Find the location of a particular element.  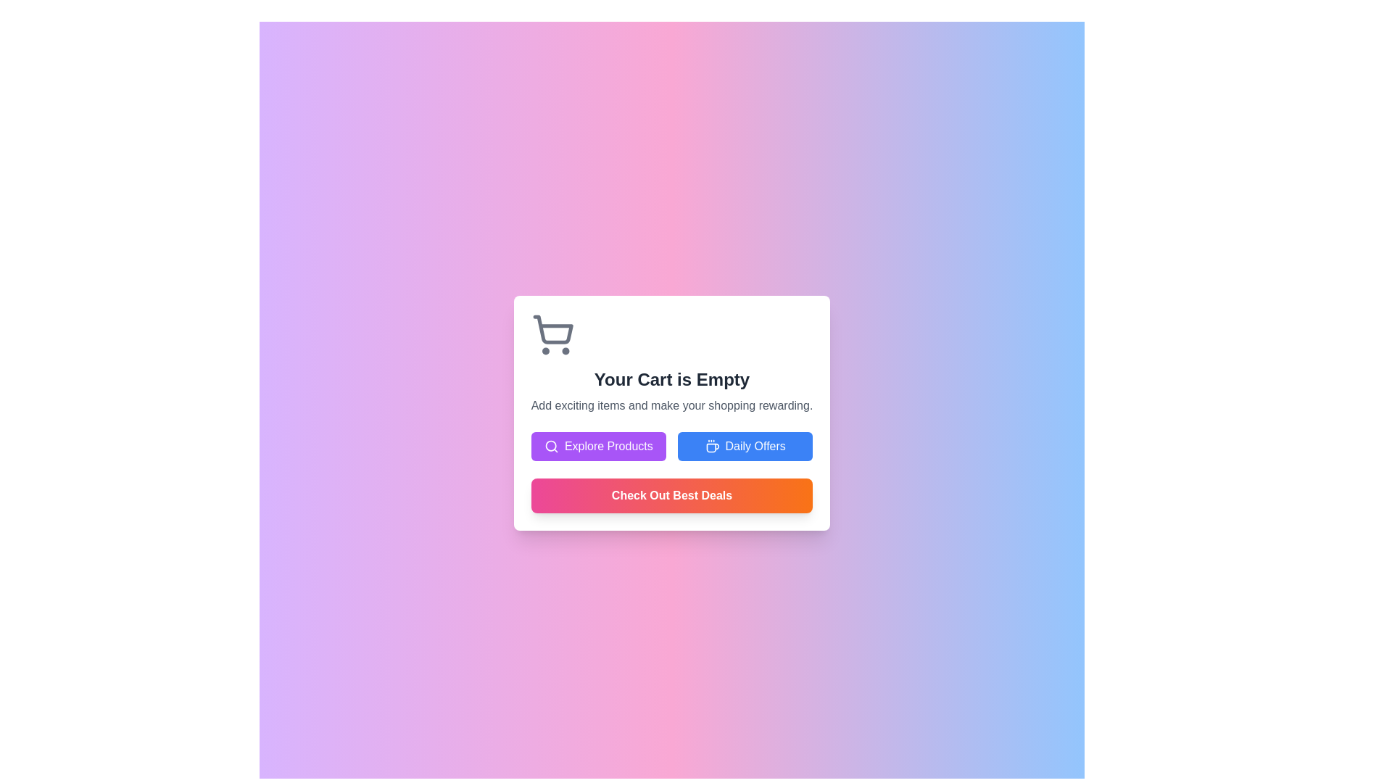

the basket element of the shopping cart icon located at the top-left corner of the central white card is located at coordinates (552, 329).